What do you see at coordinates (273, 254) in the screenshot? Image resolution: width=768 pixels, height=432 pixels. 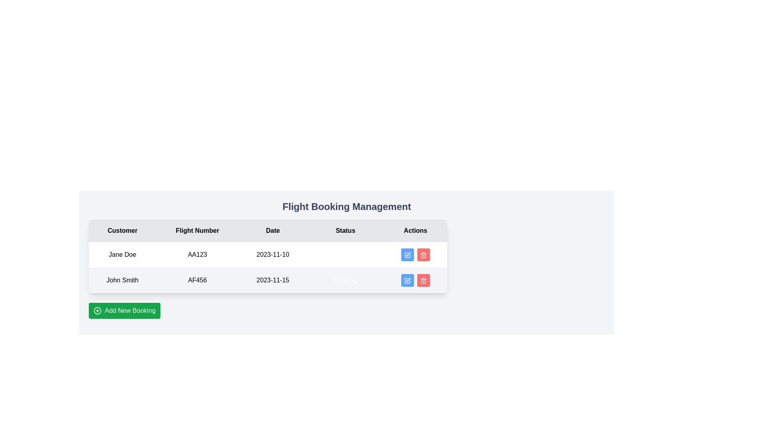 I see `the table cell displaying the date '2023-11-10' in the third column of the flight booking table for Jane Doe` at bounding box center [273, 254].